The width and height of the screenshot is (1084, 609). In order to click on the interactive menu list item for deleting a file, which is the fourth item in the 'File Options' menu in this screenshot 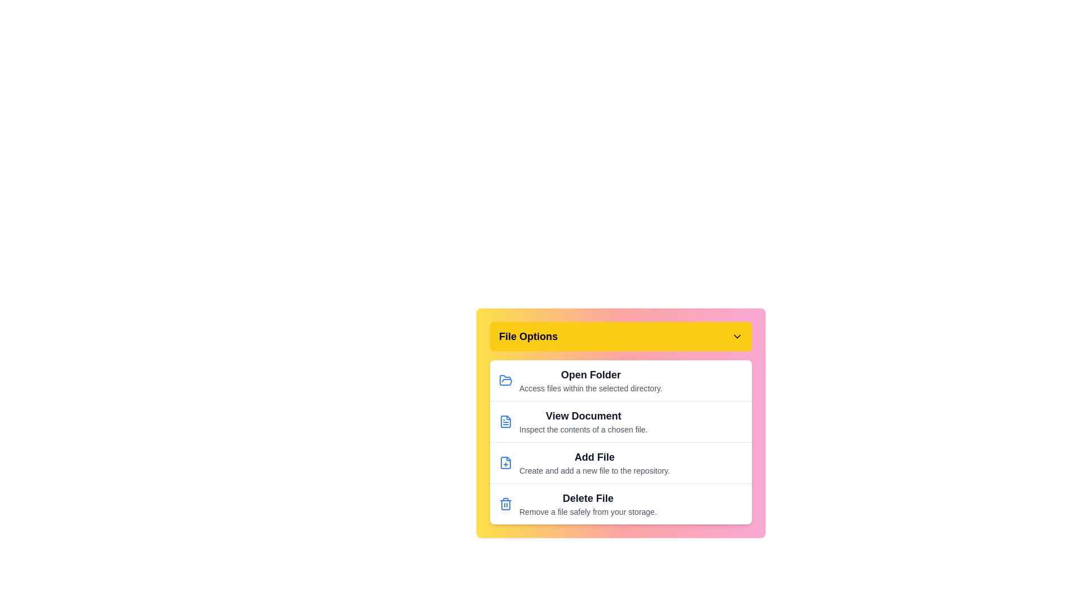, I will do `click(620, 503)`.